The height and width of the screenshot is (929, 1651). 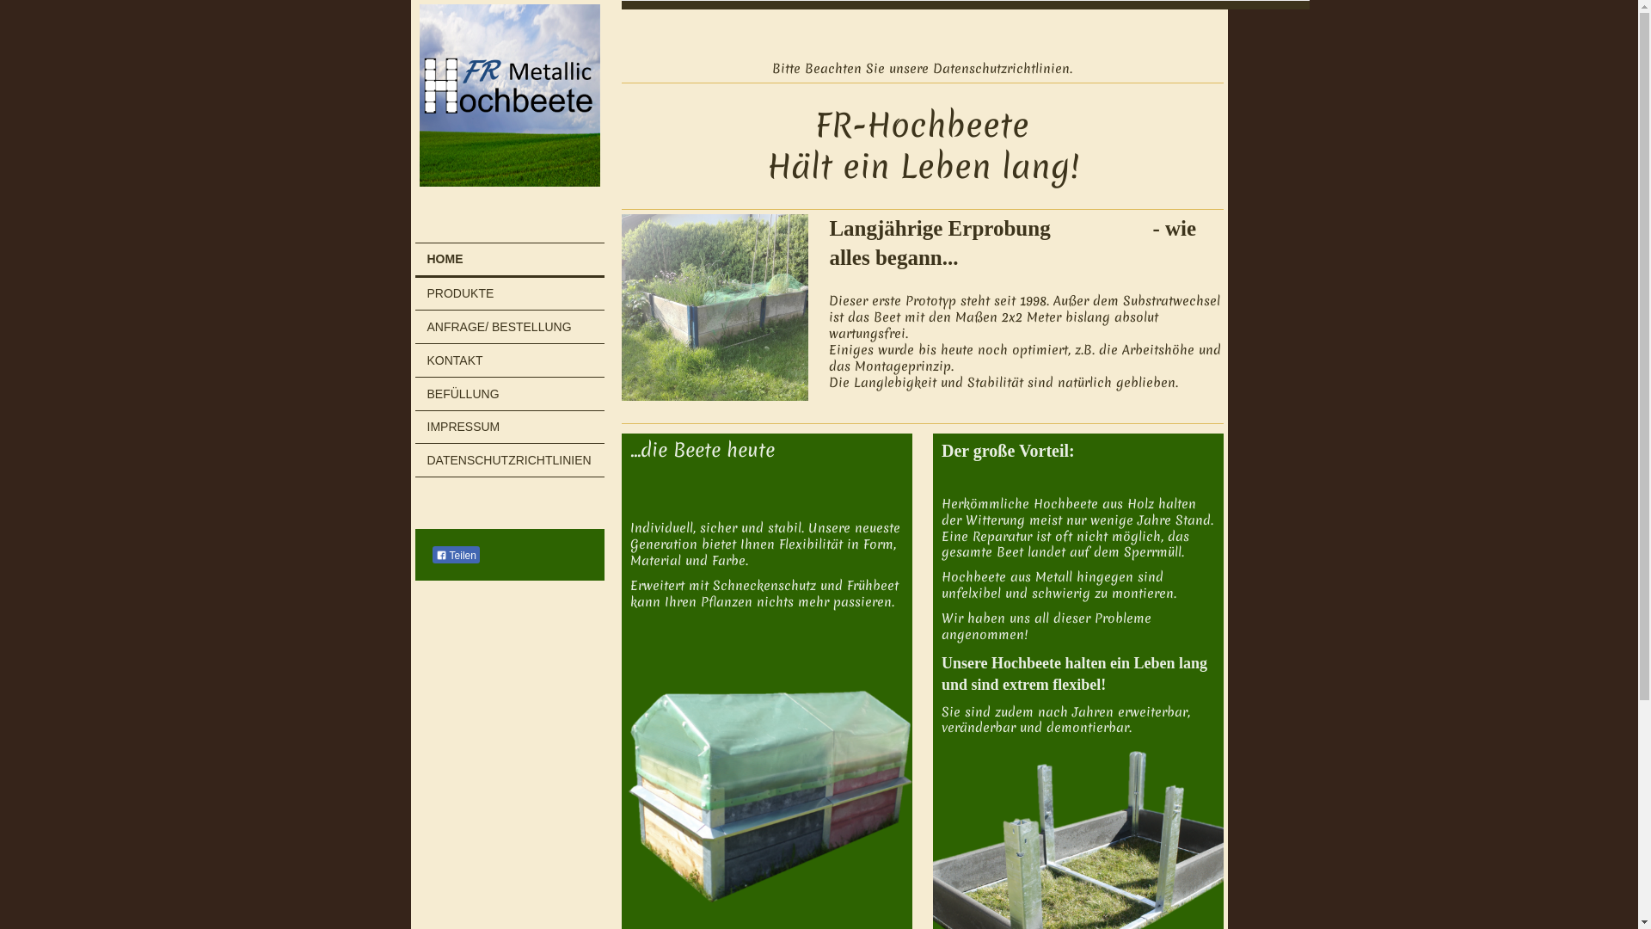 What do you see at coordinates (508, 427) in the screenshot?
I see `'IMPRESSUM'` at bounding box center [508, 427].